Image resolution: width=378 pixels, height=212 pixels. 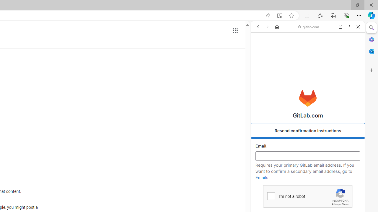 I want to click on 'This site scope', so click(x=276, y=53).